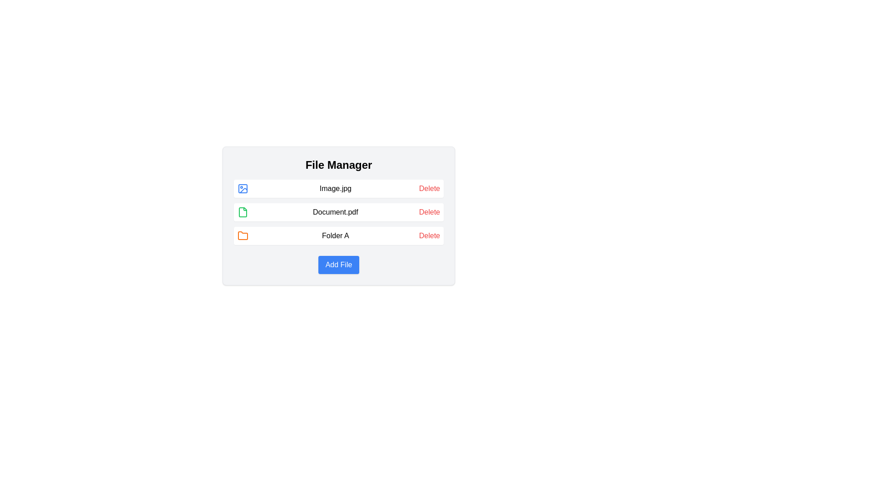  Describe the element at coordinates (429, 212) in the screenshot. I see `the delete button located on the far-right side of the 'Document.pdf' row in the file manager to initiate deletion` at that location.